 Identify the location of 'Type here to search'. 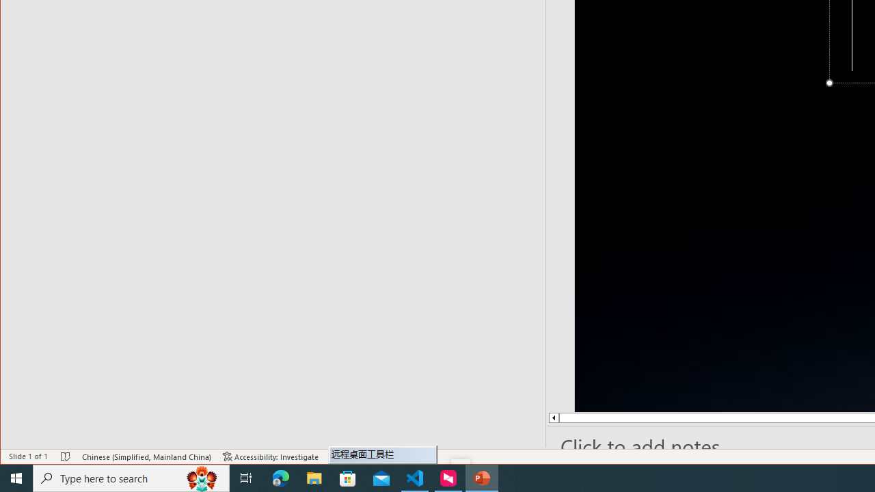
(131, 477).